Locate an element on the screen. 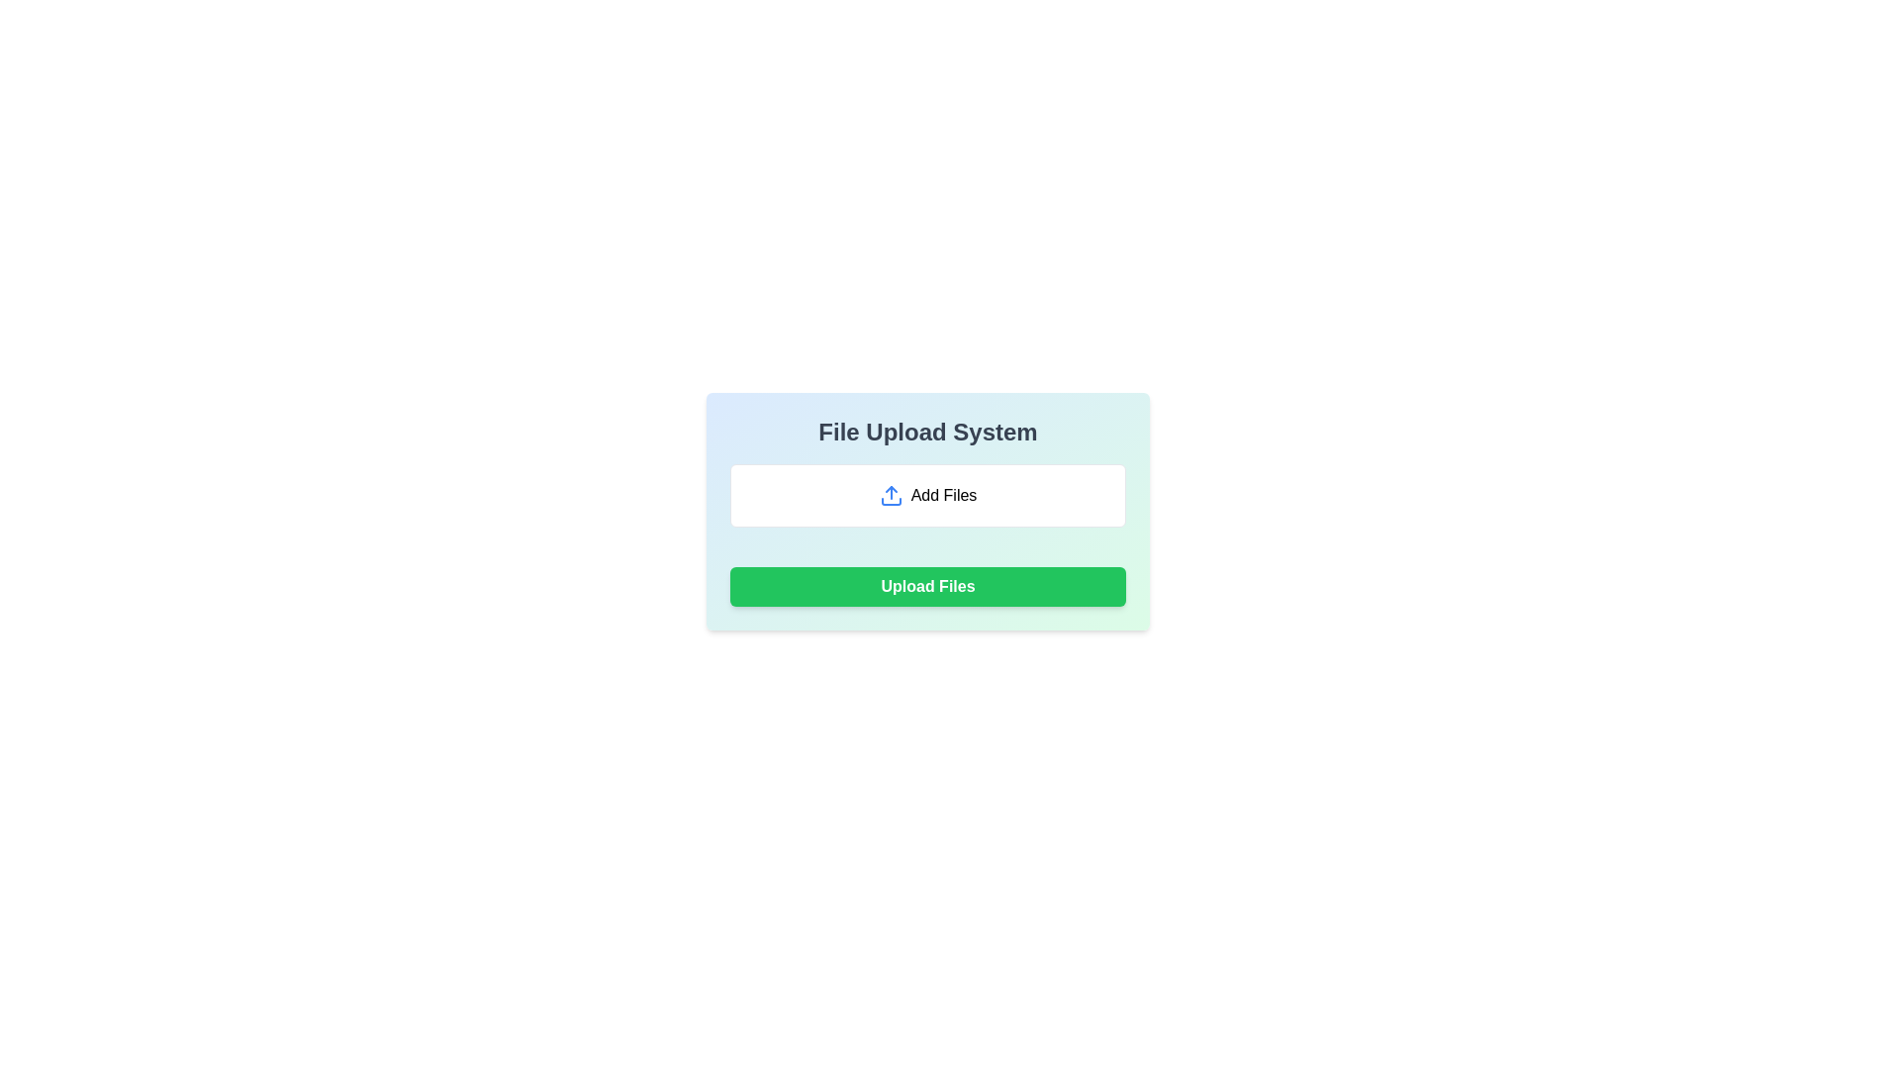 Image resolution: width=1900 pixels, height=1069 pixels. the title text element located at the top of the card-like structure, which serves as a header for the application or interface section is located at coordinates (926, 431).